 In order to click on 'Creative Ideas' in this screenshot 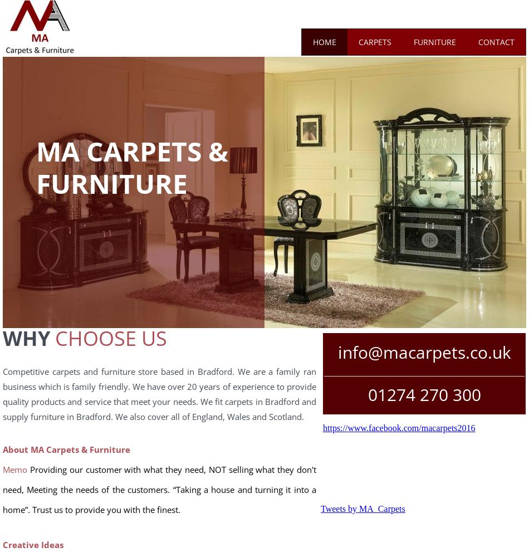, I will do `click(33, 544)`.